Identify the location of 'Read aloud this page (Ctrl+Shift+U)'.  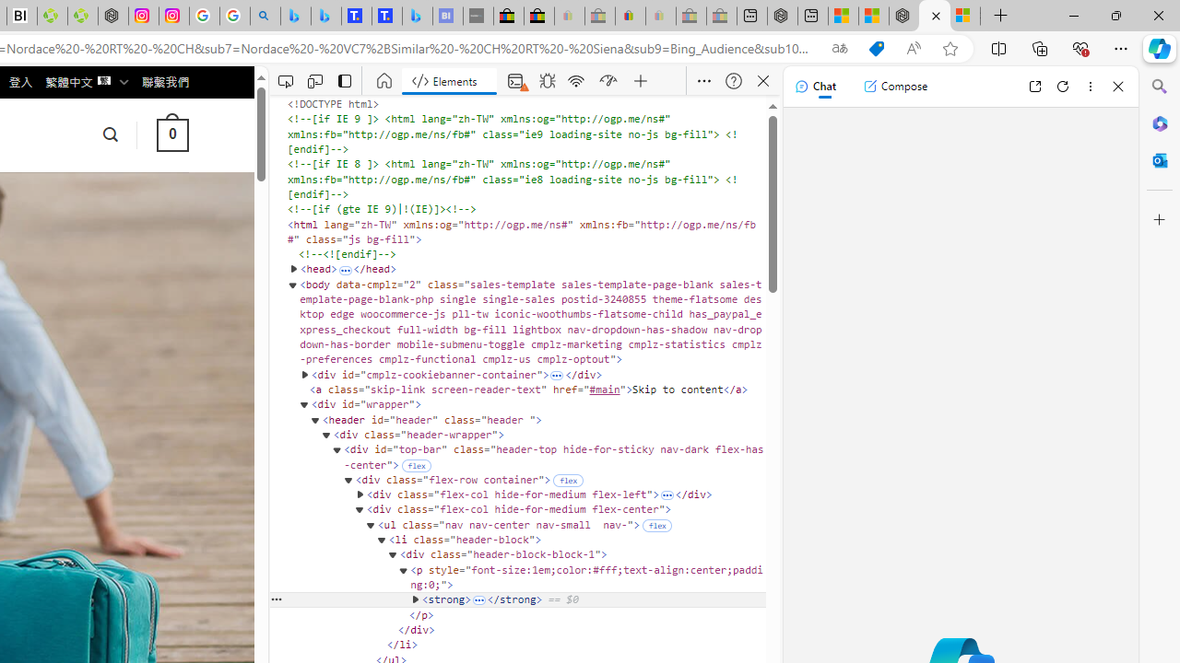
(914, 48).